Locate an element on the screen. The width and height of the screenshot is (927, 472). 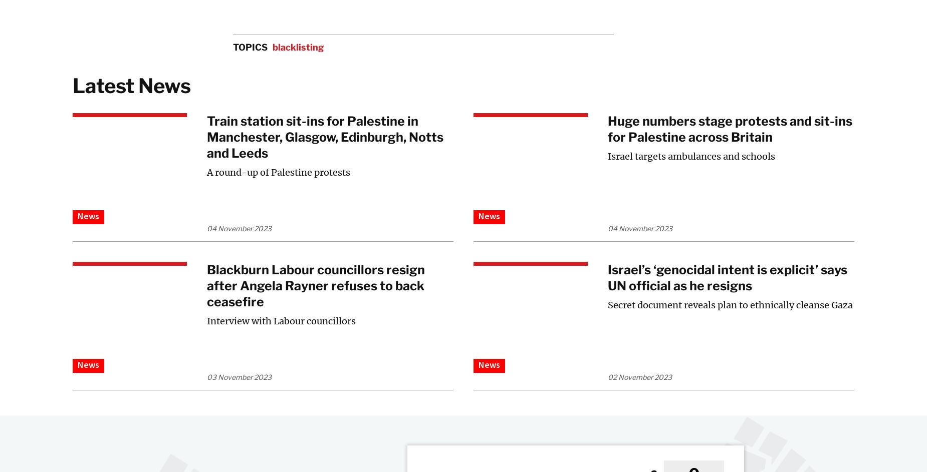
'blacklisting' is located at coordinates (298, 47).